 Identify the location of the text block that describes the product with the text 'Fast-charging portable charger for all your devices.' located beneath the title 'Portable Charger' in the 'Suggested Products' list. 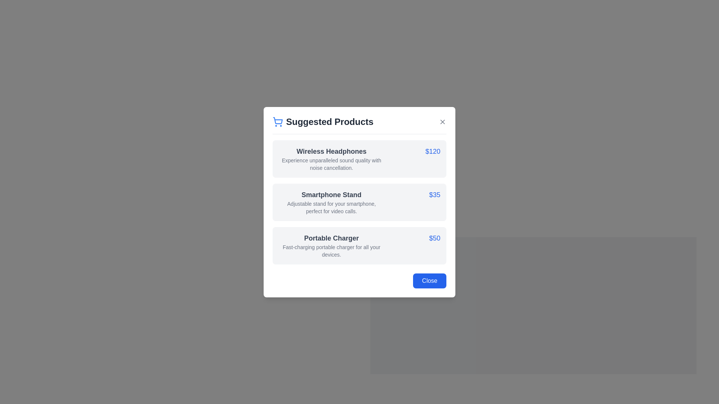
(331, 251).